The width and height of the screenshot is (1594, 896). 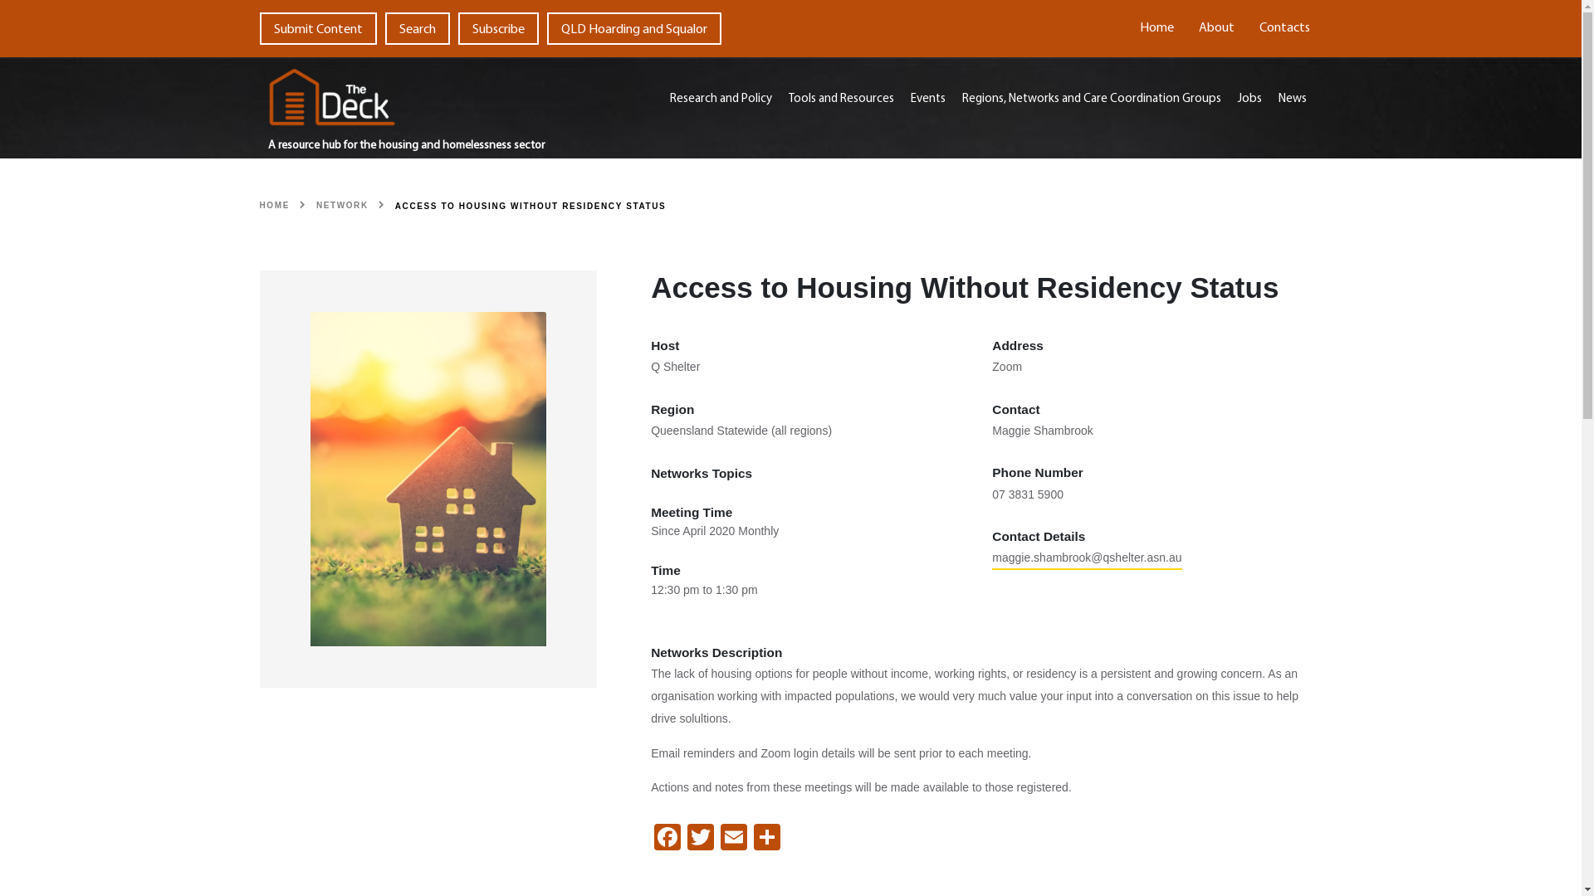 What do you see at coordinates (732, 839) in the screenshot?
I see `'Email'` at bounding box center [732, 839].